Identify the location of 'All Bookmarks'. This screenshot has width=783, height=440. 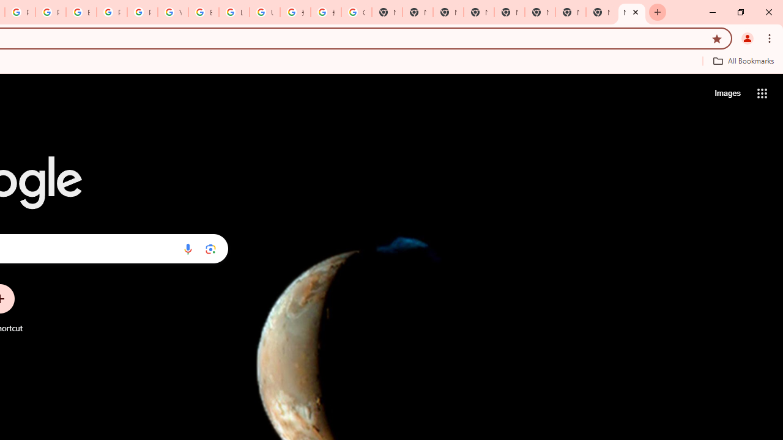
(743, 61).